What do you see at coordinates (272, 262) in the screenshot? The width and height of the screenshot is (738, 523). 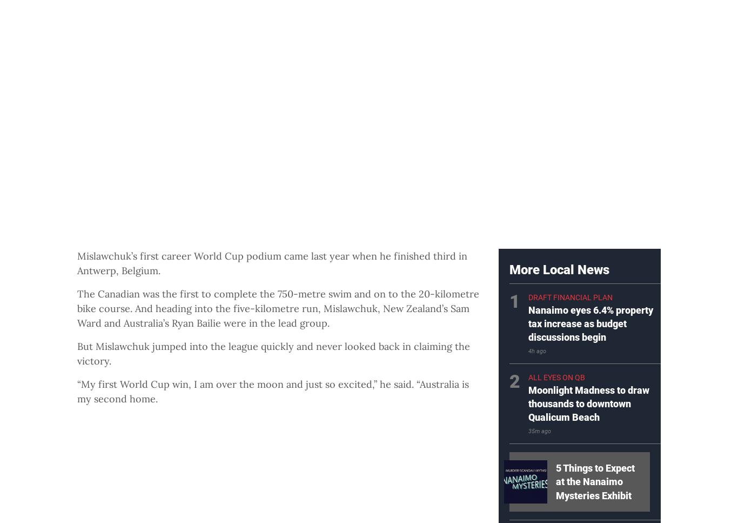 I see `'Mislawchuk’s first career World Cup podium came last year when he finished third in Antwerp, Belgium.'` at bounding box center [272, 262].